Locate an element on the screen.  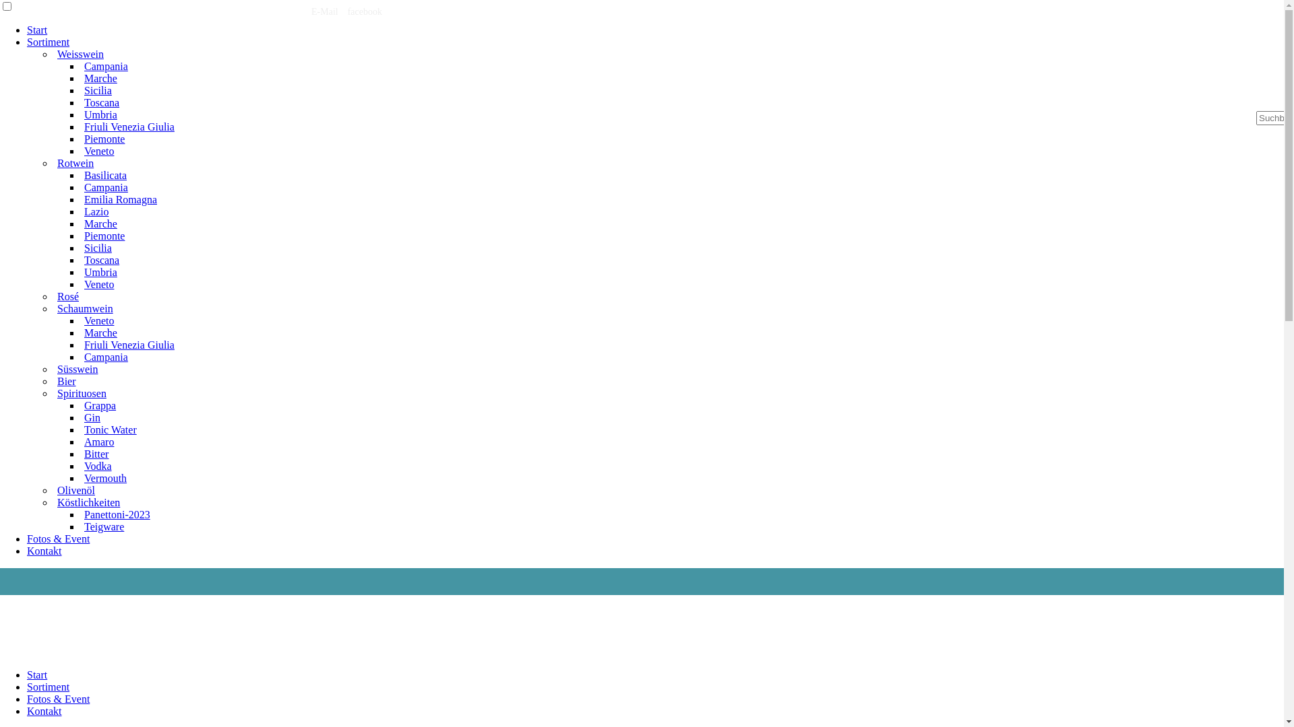
'Umbria' is located at coordinates (100, 114).